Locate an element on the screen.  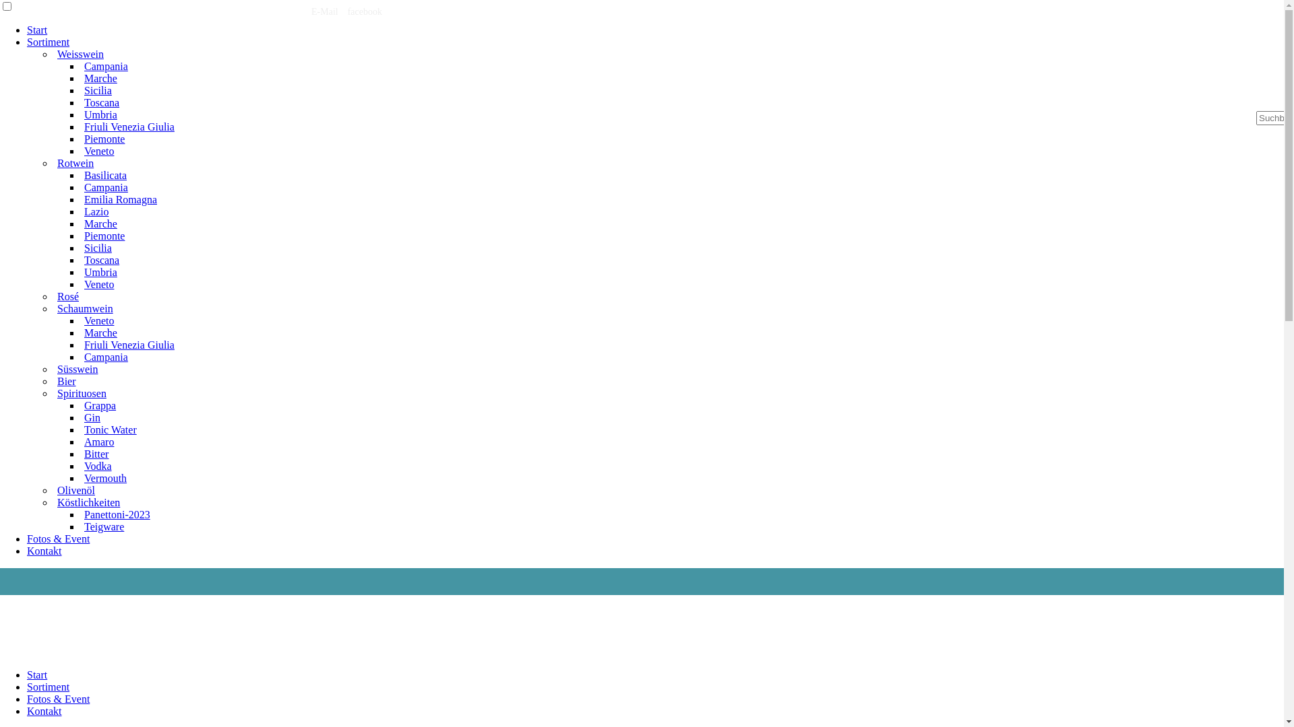
'Umbria' is located at coordinates (100, 114).